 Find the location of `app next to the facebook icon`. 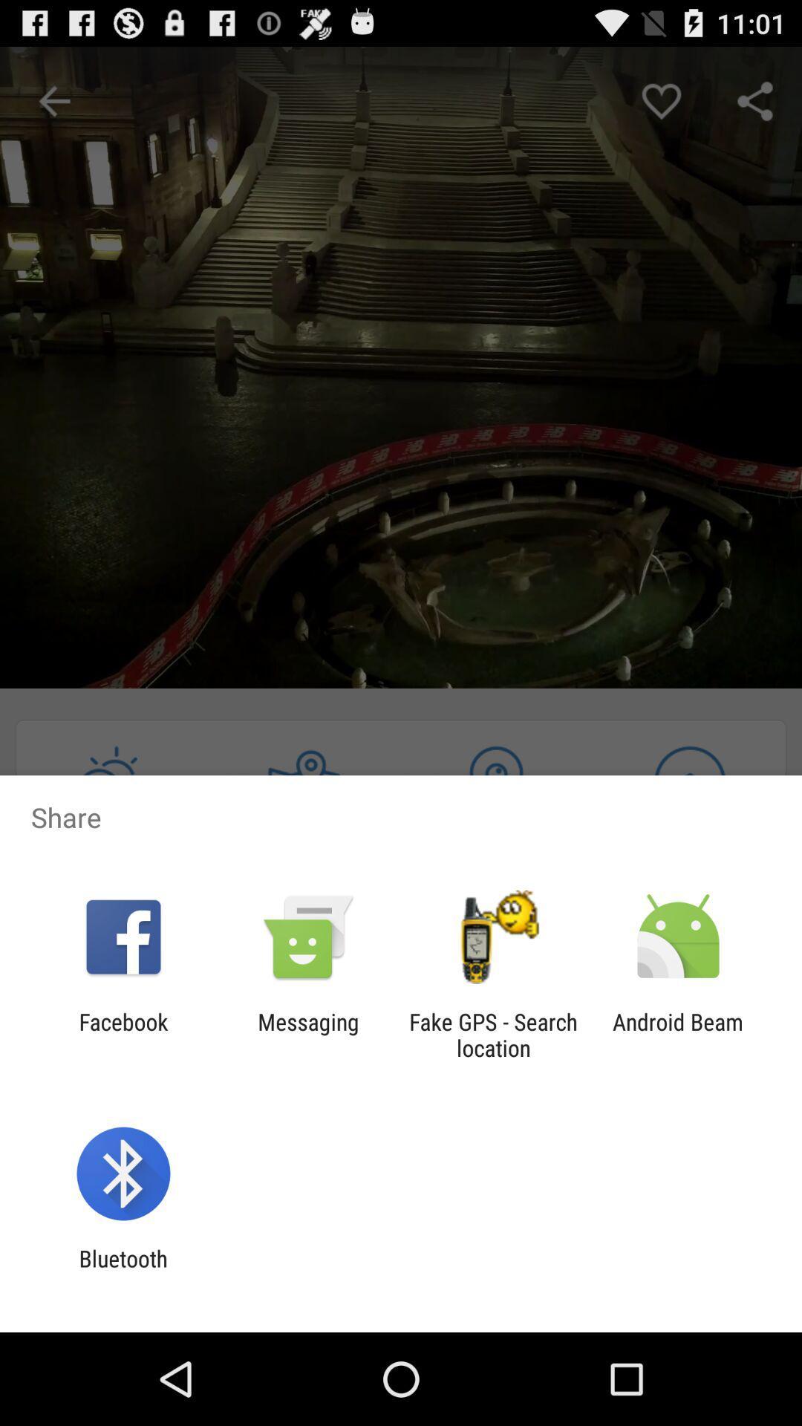

app next to the facebook icon is located at coordinates (307, 1034).